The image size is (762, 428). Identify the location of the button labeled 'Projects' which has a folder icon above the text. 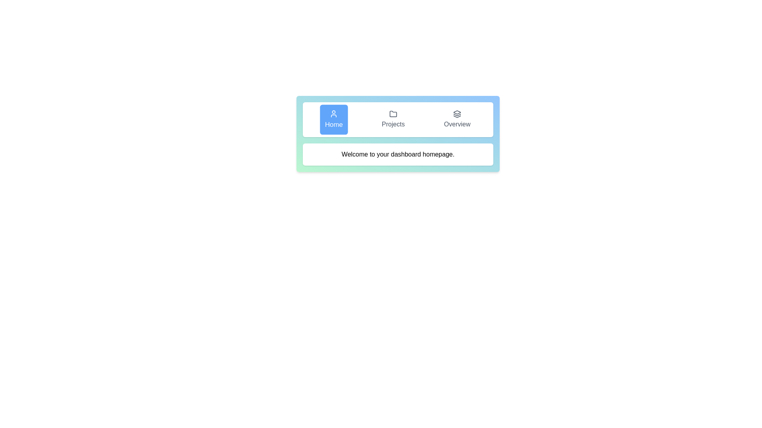
(393, 119).